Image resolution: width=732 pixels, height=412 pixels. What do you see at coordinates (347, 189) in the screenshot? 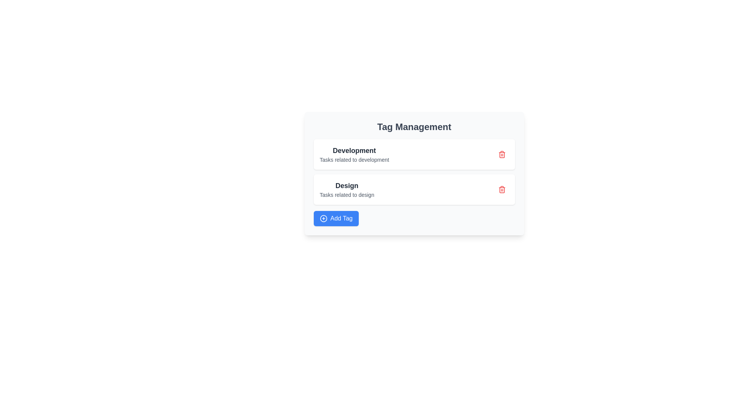
I see `text content of the Text Display Block that describes the 'Design' category, located between 'Development' and 'Add Tag'` at bounding box center [347, 189].